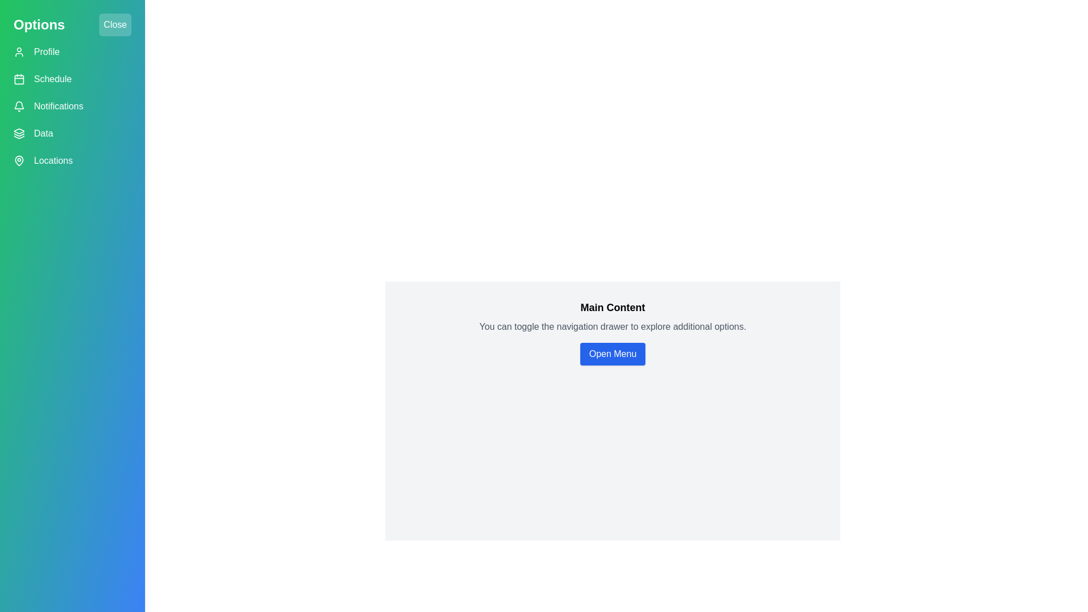 The image size is (1088, 612). I want to click on the Data button in the navigation menu, so click(72, 133).